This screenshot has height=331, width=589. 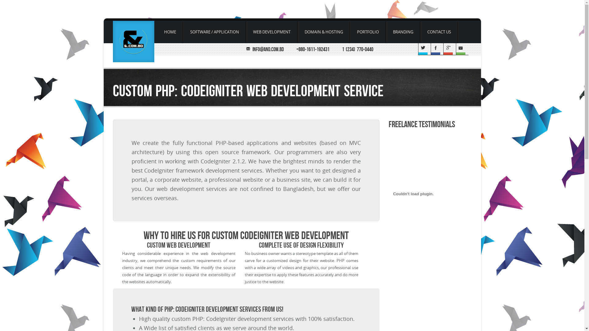 What do you see at coordinates (424, 49) in the screenshot?
I see `'Twitter'` at bounding box center [424, 49].